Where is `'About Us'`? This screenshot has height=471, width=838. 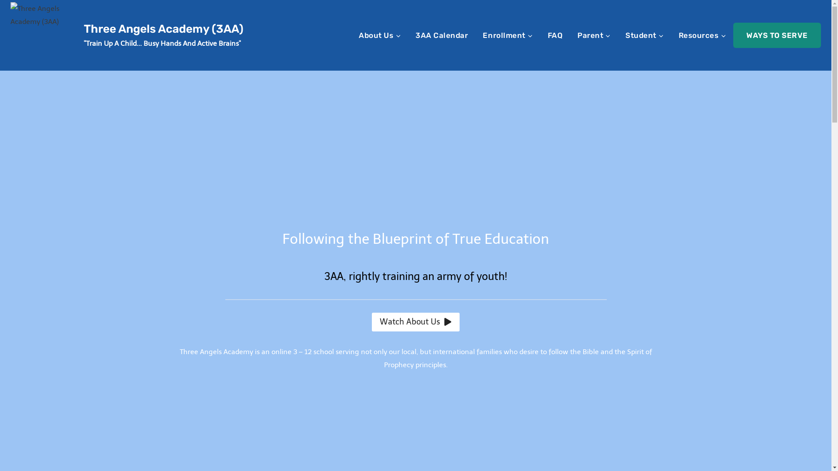
'About Us' is located at coordinates (351, 34).